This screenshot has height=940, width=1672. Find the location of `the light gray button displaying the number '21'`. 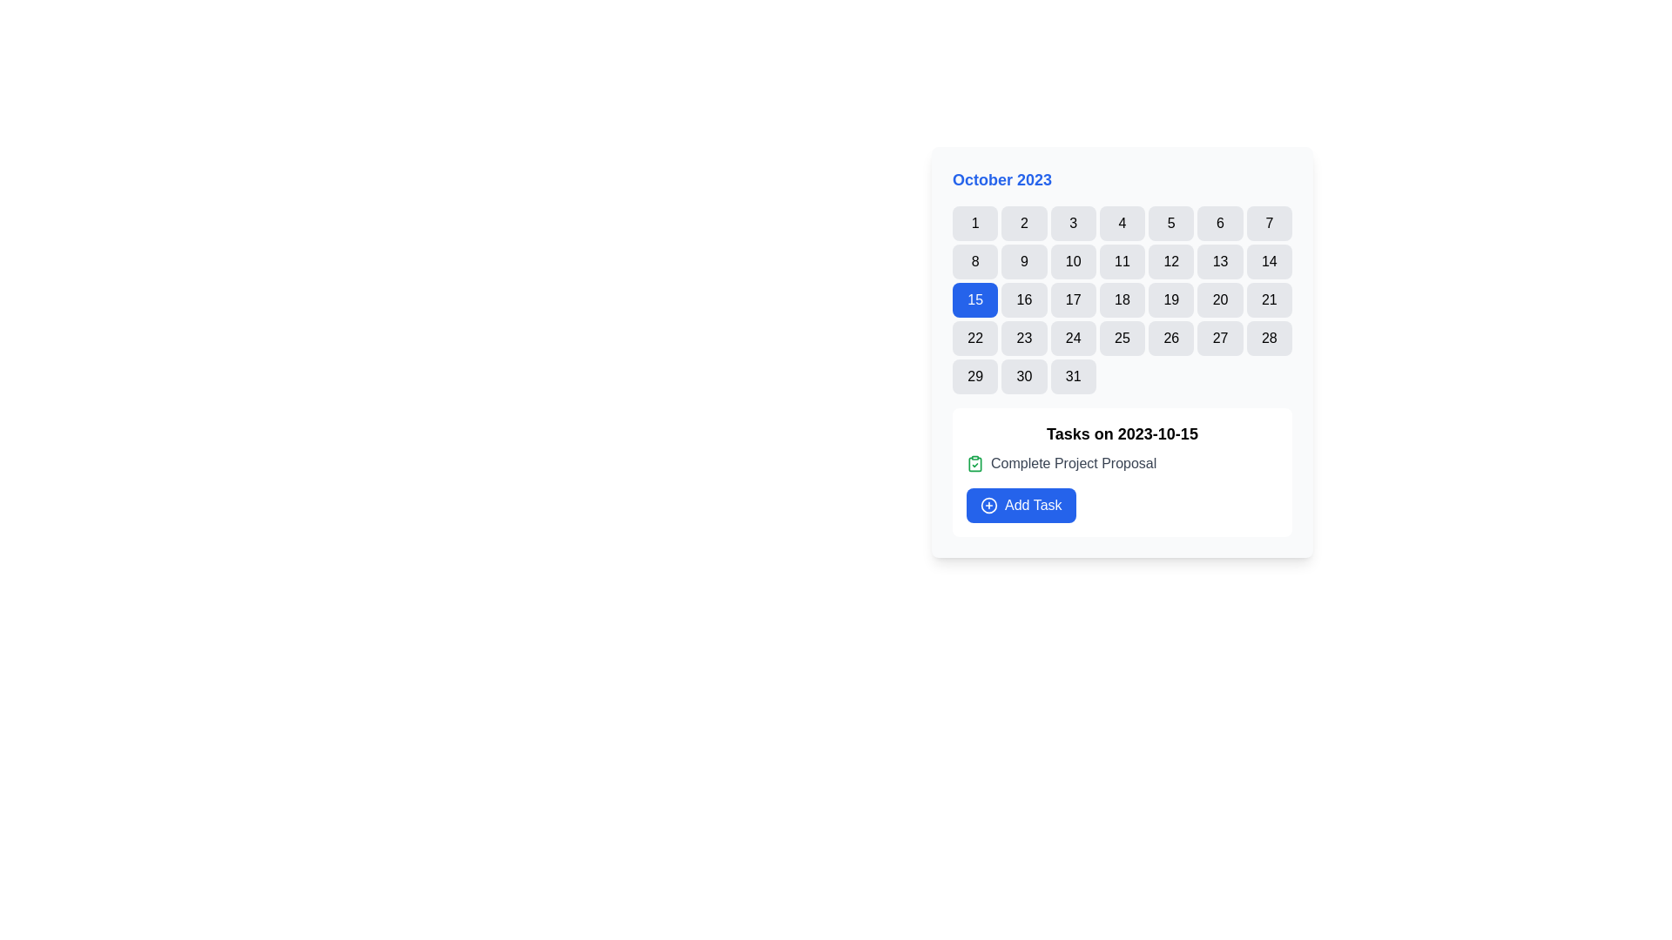

the light gray button displaying the number '21' is located at coordinates (1269, 299).